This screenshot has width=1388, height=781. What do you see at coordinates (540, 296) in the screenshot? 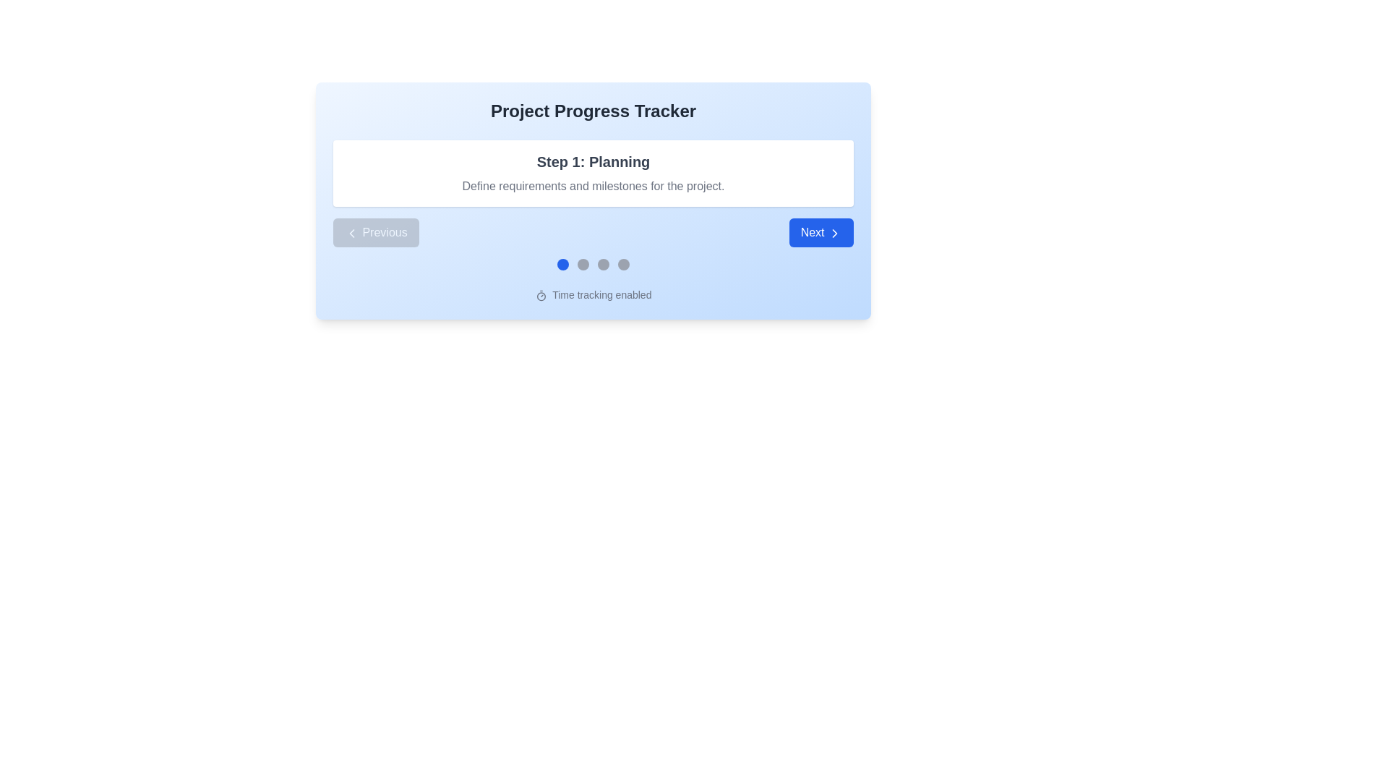
I see `the circular timer icon located to the left of the 'Time tracking enabled' text in the lower section of the interface` at bounding box center [540, 296].